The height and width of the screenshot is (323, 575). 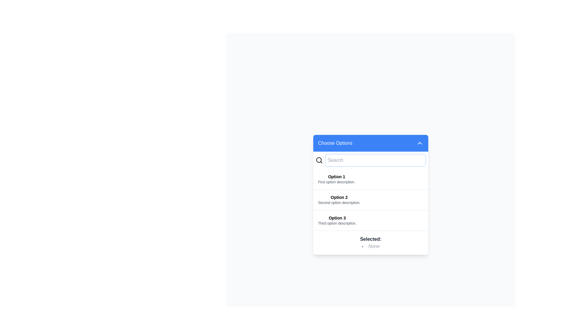 I want to click on descriptive text label that provides additional information about the 'Option 2' category, located directly below the bold 'Option 2' label, so click(x=339, y=202).